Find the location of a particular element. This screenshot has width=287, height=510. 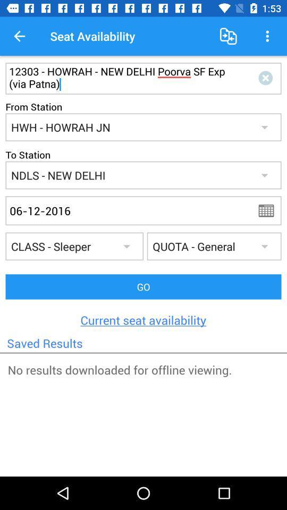

the drop down quota  general is located at coordinates (214, 246).